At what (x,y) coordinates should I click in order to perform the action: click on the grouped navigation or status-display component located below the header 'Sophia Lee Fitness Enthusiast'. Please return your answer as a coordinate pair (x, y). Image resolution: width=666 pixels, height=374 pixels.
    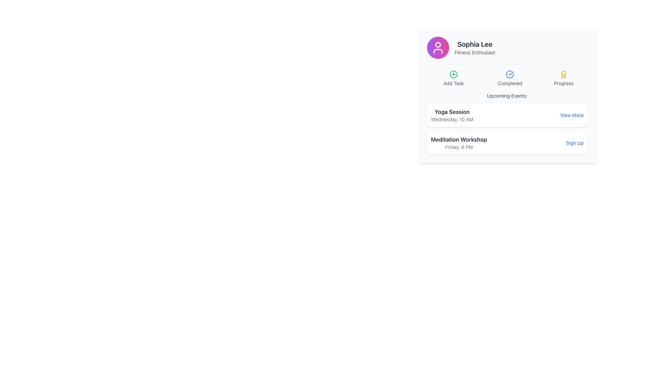
    Looking at the image, I should click on (507, 78).